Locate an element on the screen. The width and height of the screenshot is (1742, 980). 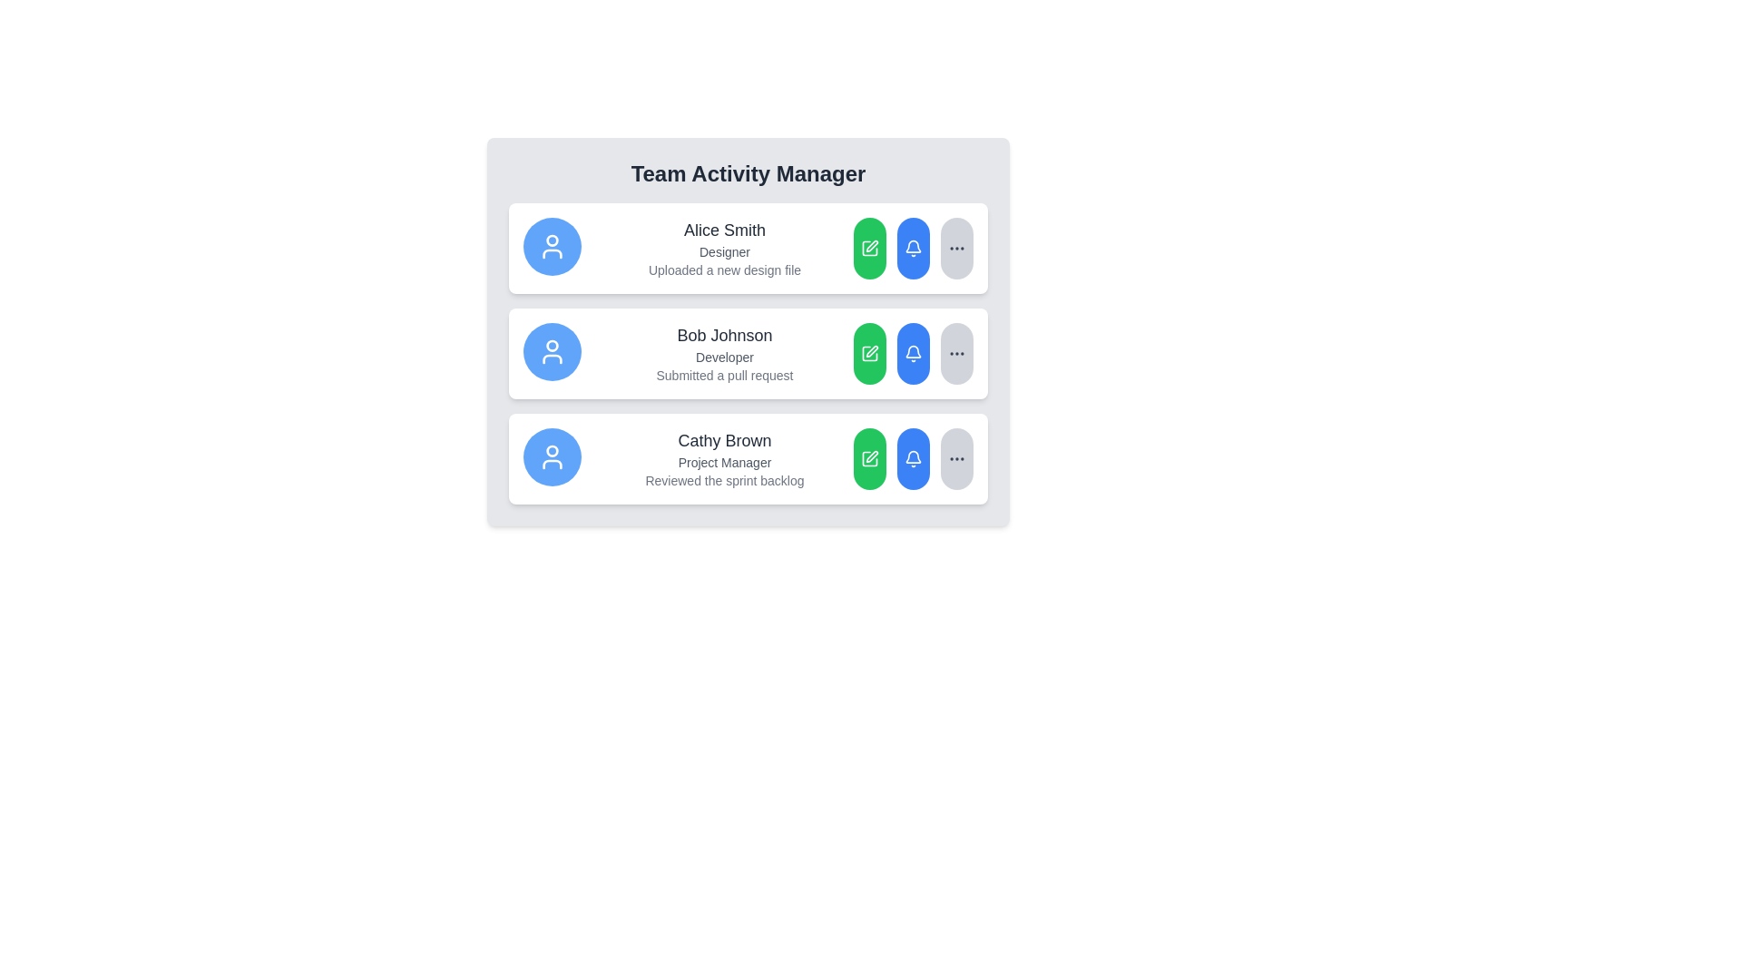
the first circular button with a green background and a white outline of a pen icon, associated with 'Bob Johnson' is located at coordinates (869, 353).